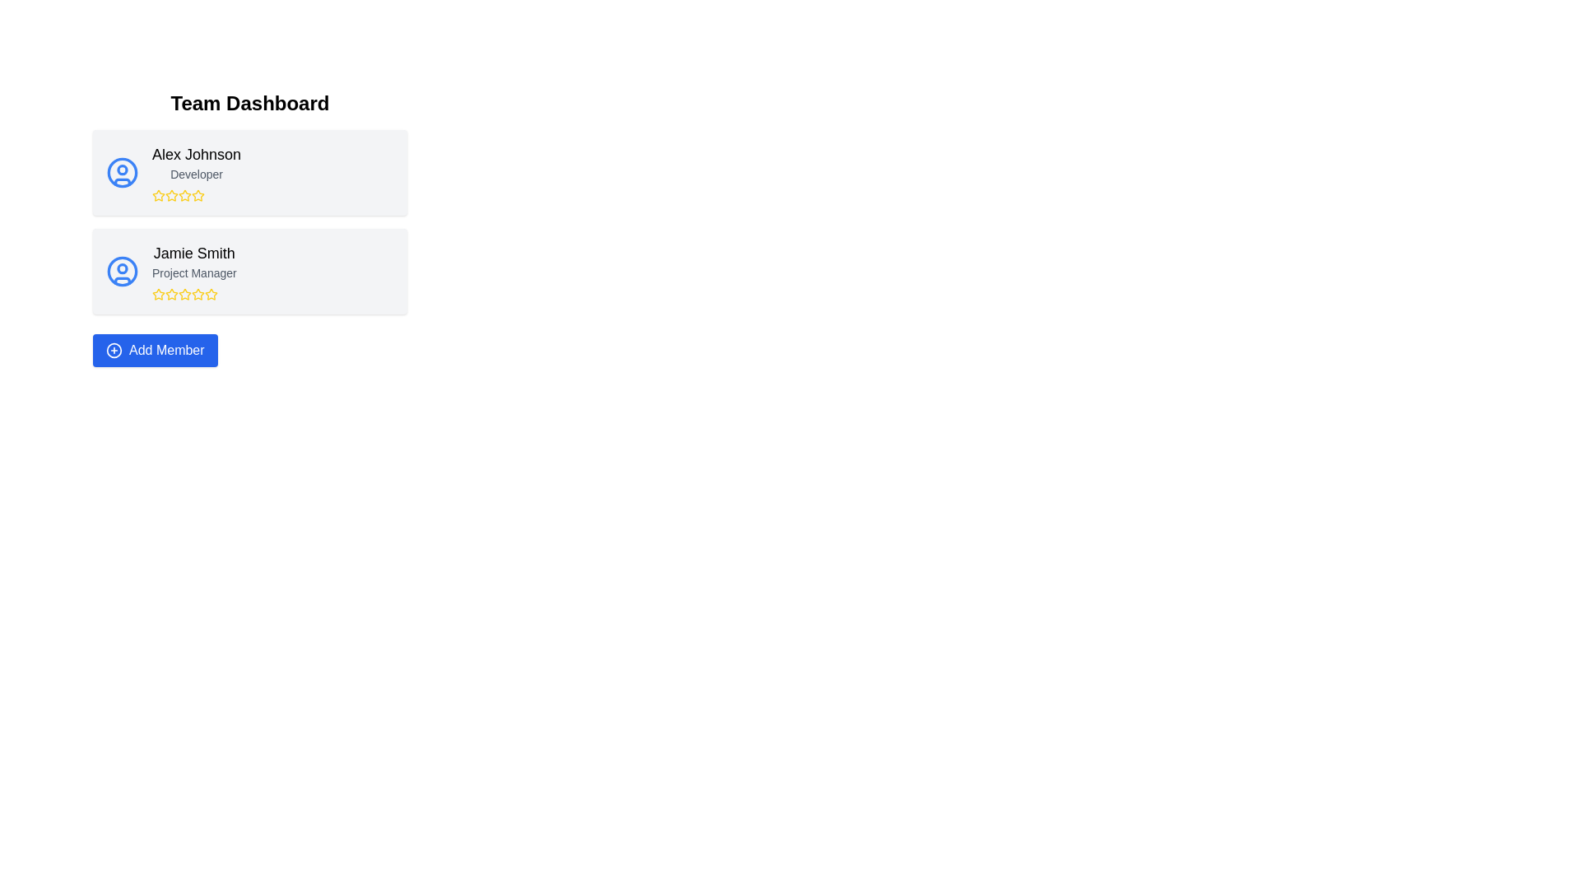 The image size is (1580, 889). I want to click on the first star icon in the rating widget associated with 'Alex Johnson, Developer', which is a yellow outlined star with a hollow center, so click(158, 195).